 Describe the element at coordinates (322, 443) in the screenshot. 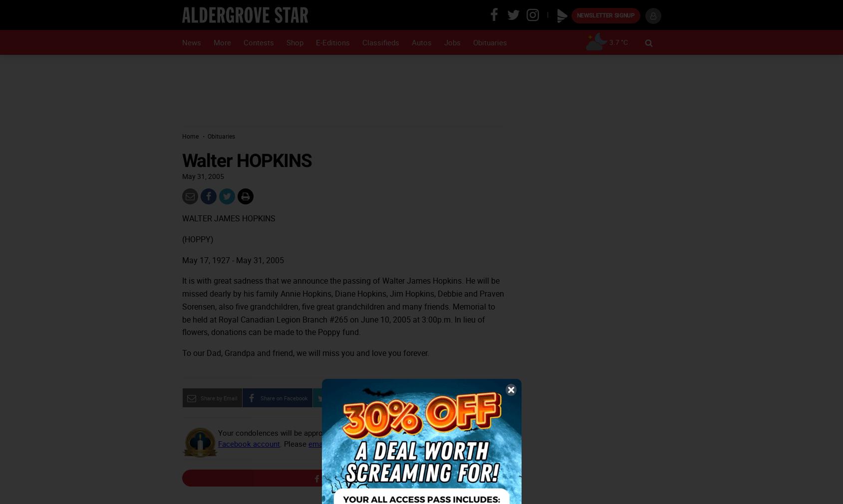

I see `'email us'` at that location.